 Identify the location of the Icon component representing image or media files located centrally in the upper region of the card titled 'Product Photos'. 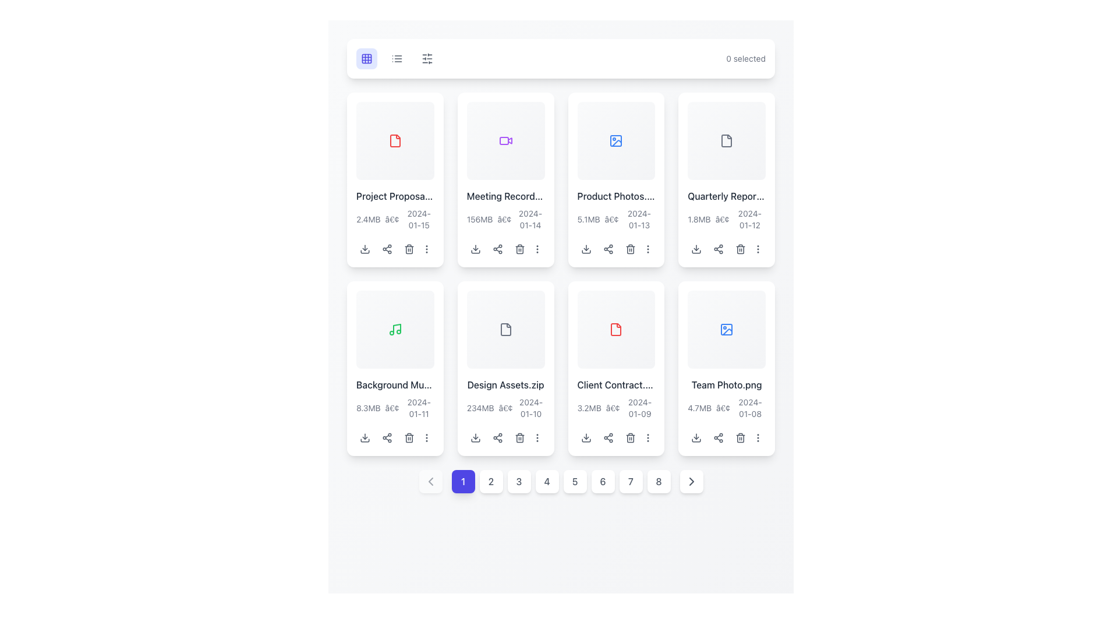
(615, 140).